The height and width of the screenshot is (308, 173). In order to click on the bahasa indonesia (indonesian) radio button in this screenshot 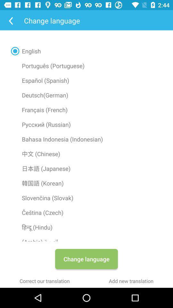, I will do `click(86, 139)`.